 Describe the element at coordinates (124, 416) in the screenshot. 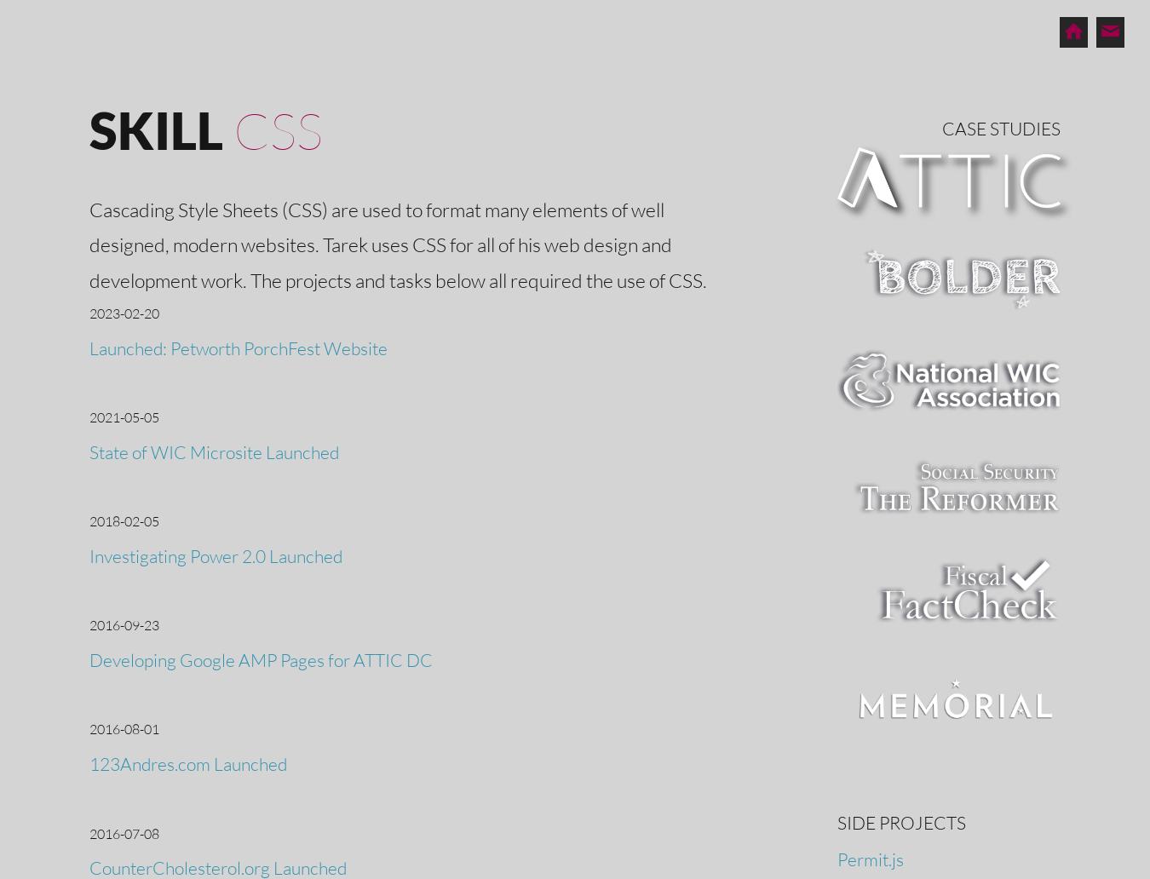

I see `'2021-05-05'` at that location.